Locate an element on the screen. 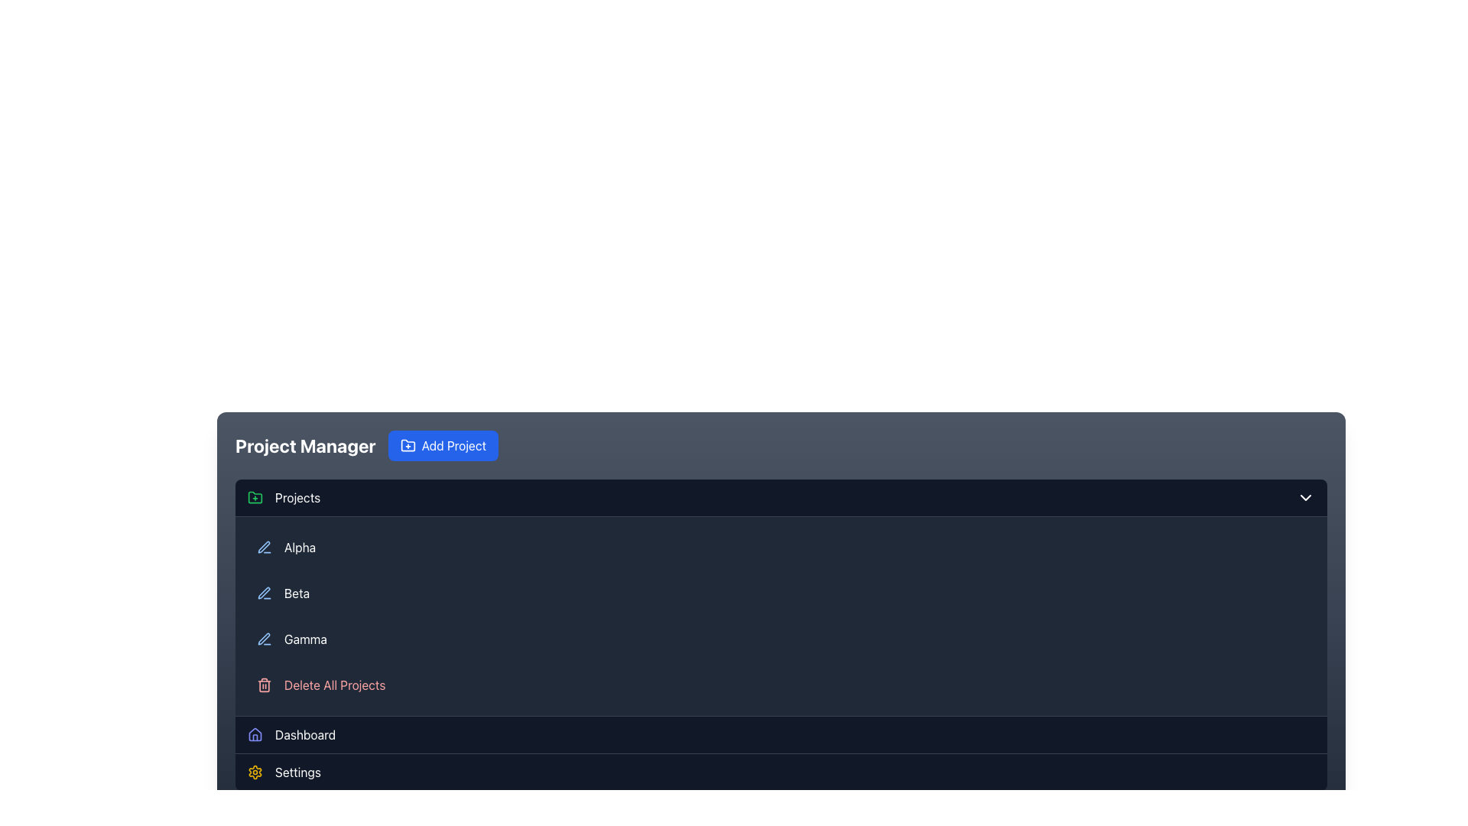  the chevron icon on the far right side of the 'Projects' row is located at coordinates (1305, 498).